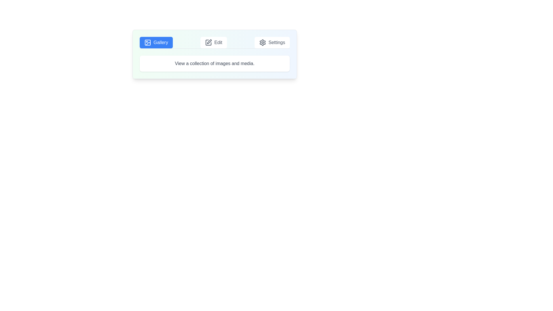 The width and height of the screenshot is (553, 311). I want to click on the Settings tab, so click(272, 42).